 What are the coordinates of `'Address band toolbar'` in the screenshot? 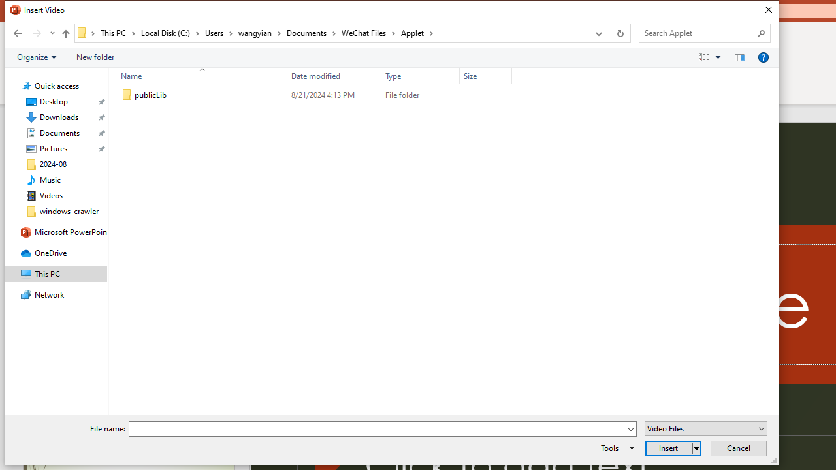 It's located at (607, 33).